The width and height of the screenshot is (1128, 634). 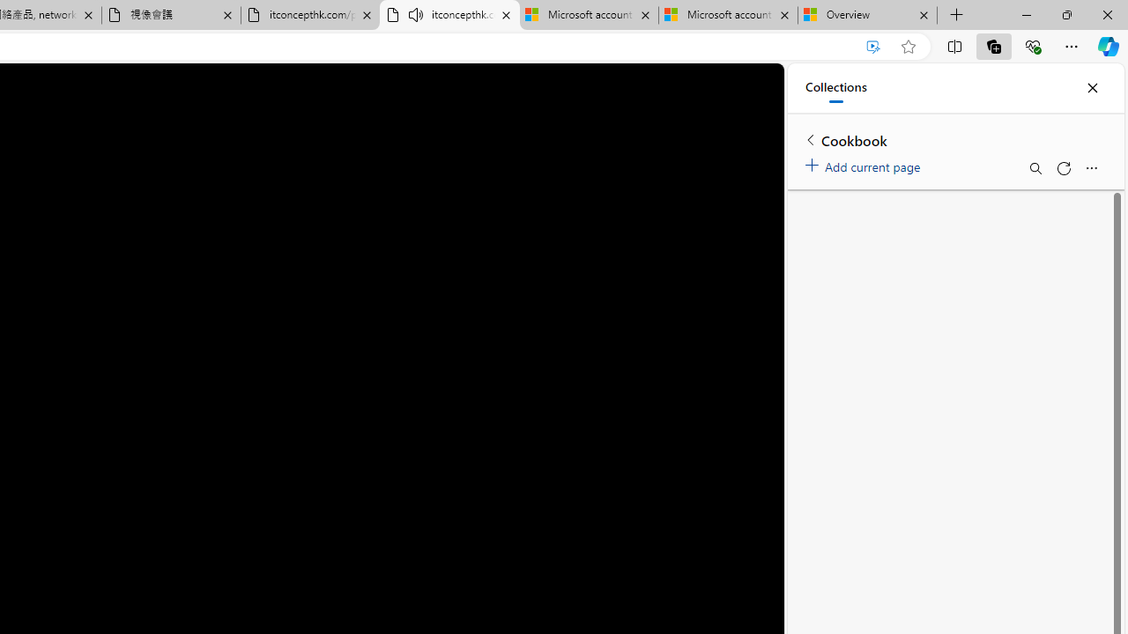 I want to click on 'Overview', so click(x=867, y=15).